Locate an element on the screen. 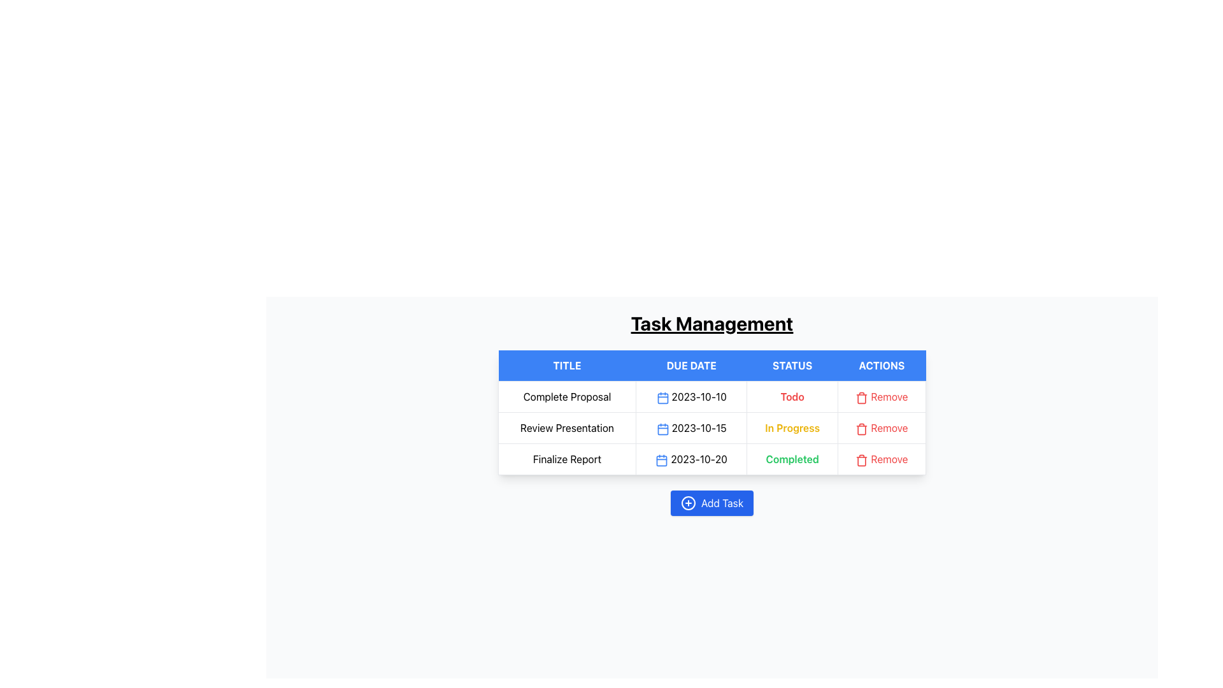  the 'Todo' text label in the 'STATUS' column of the first row in the 'Task Management' table, which indicates the task status as pending or not started is located at coordinates (792, 396).